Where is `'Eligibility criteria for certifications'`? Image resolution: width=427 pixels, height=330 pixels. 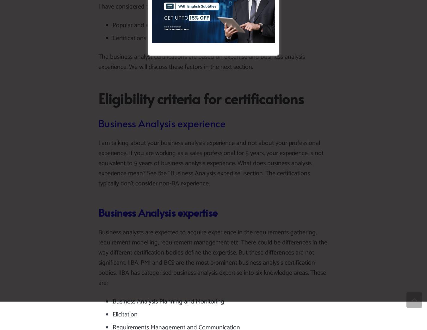
'Eligibility criteria for certifications' is located at coordinates (201, 98).